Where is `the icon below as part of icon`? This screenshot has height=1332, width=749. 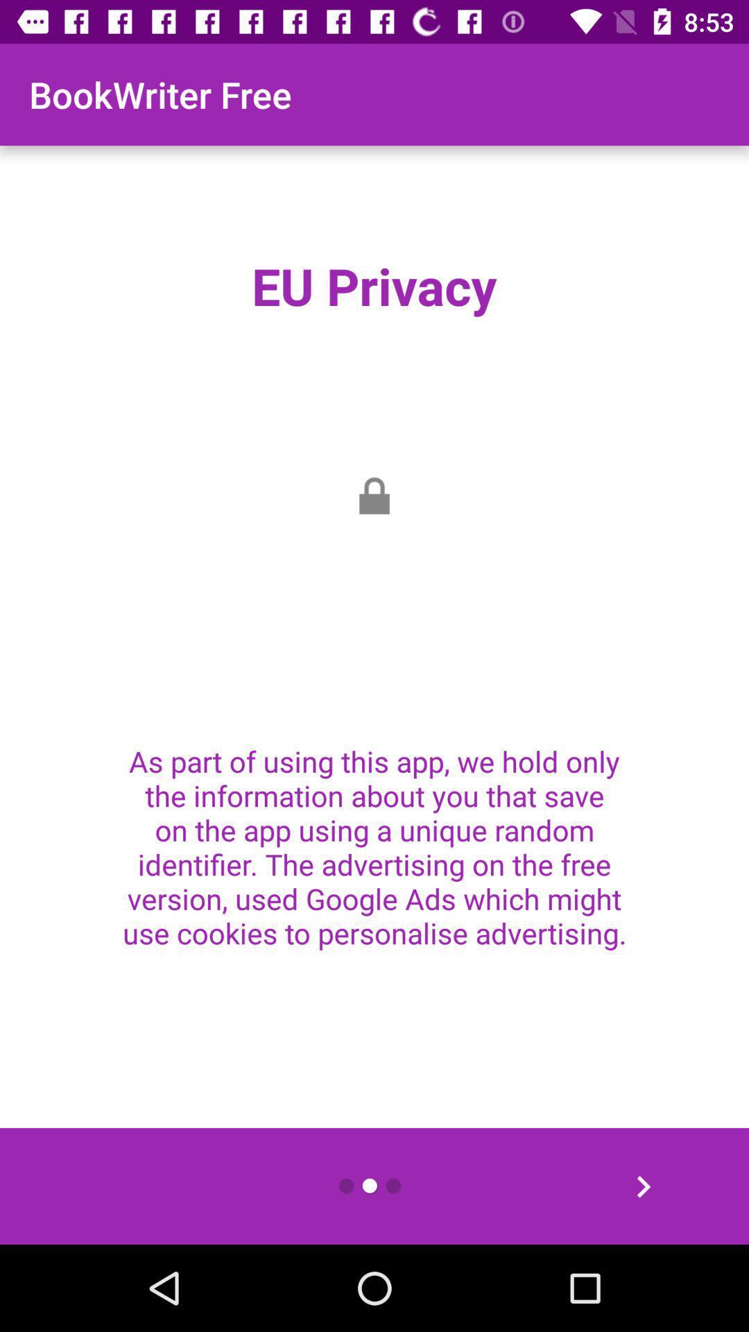 the icon below as part of icon is located at coordinates (643, 1186).